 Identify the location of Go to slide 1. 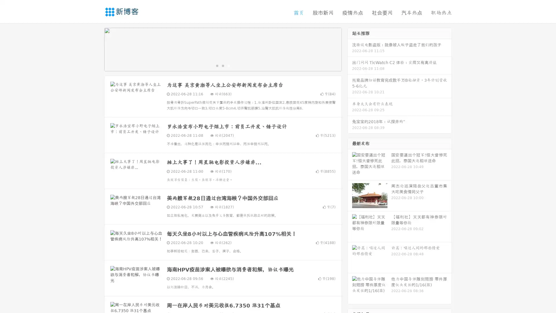
(217, 65).